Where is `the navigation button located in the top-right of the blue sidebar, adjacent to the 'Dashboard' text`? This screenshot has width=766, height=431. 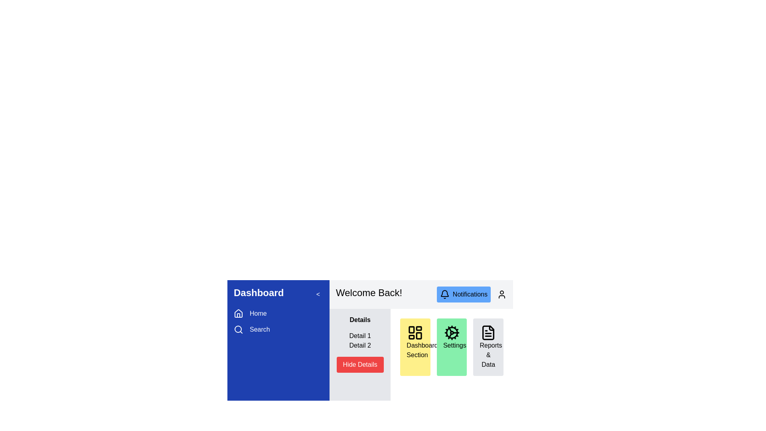 the navigation button located in the top-right of the blue sidebar, adjacent to the 'Dashboard' text is located at coordinates (317, 294).